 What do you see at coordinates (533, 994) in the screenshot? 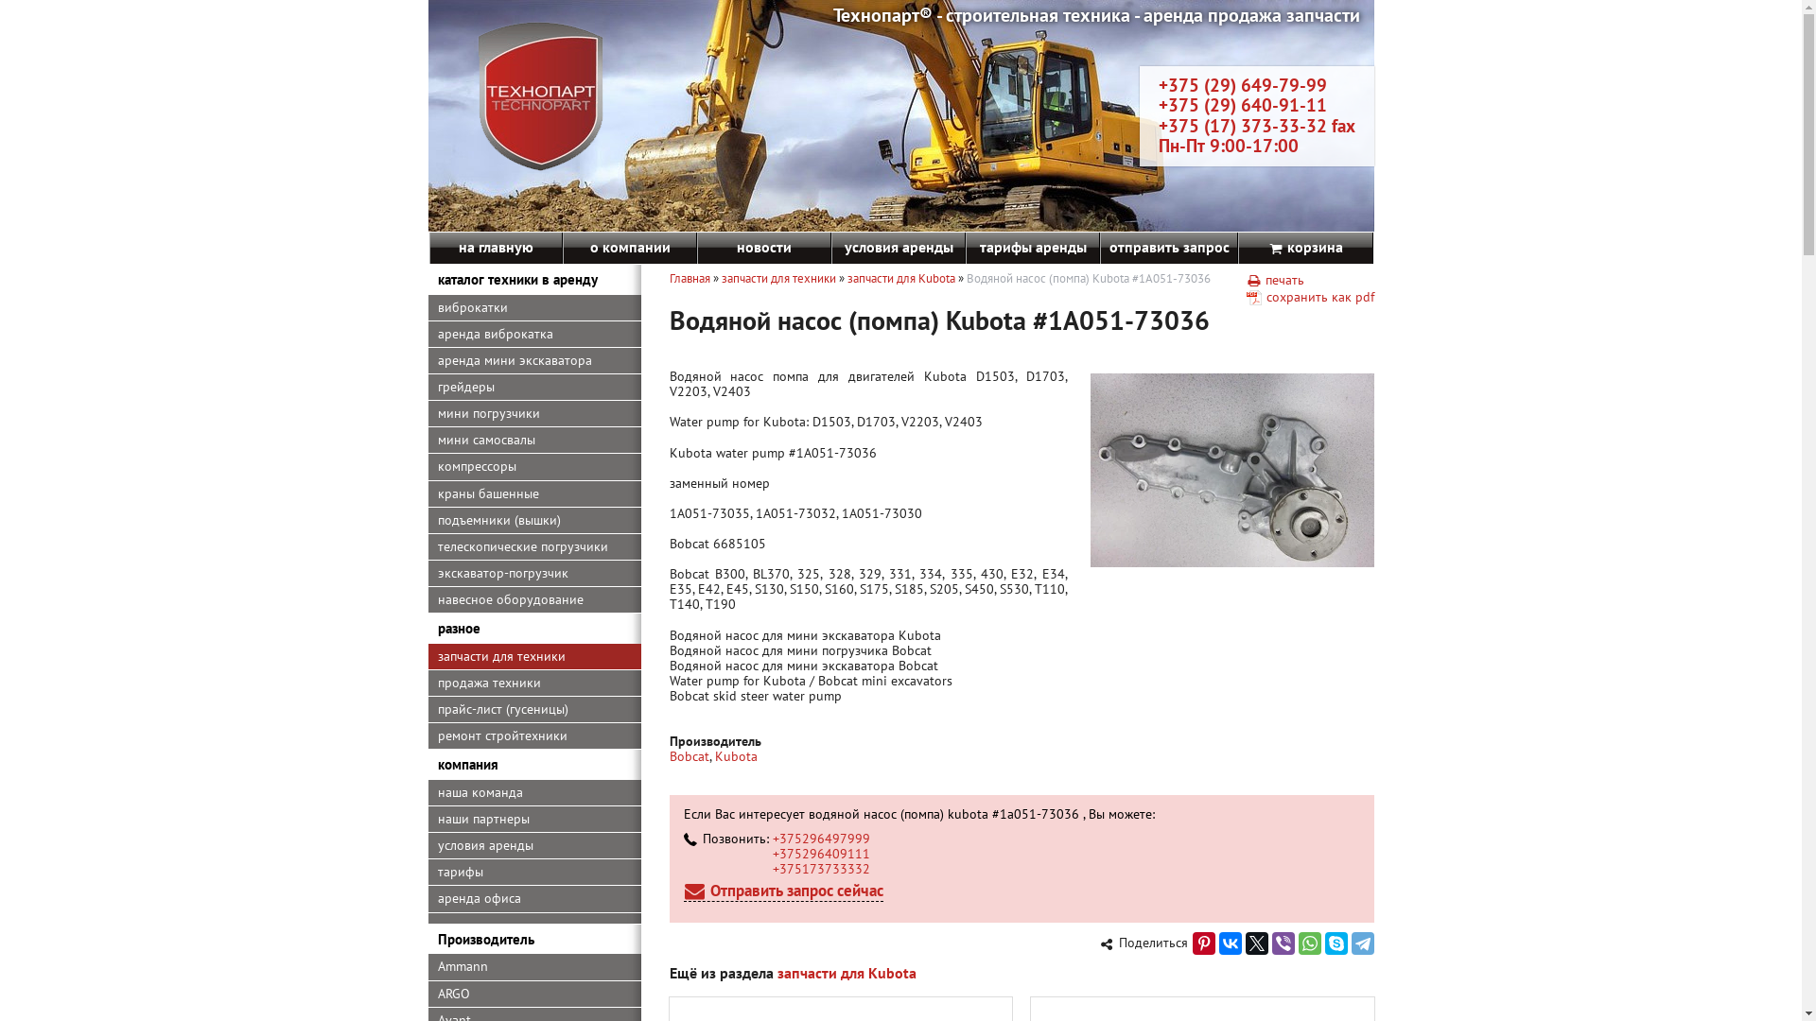
I see `'ARGO'` at bounding box center [533, 994].